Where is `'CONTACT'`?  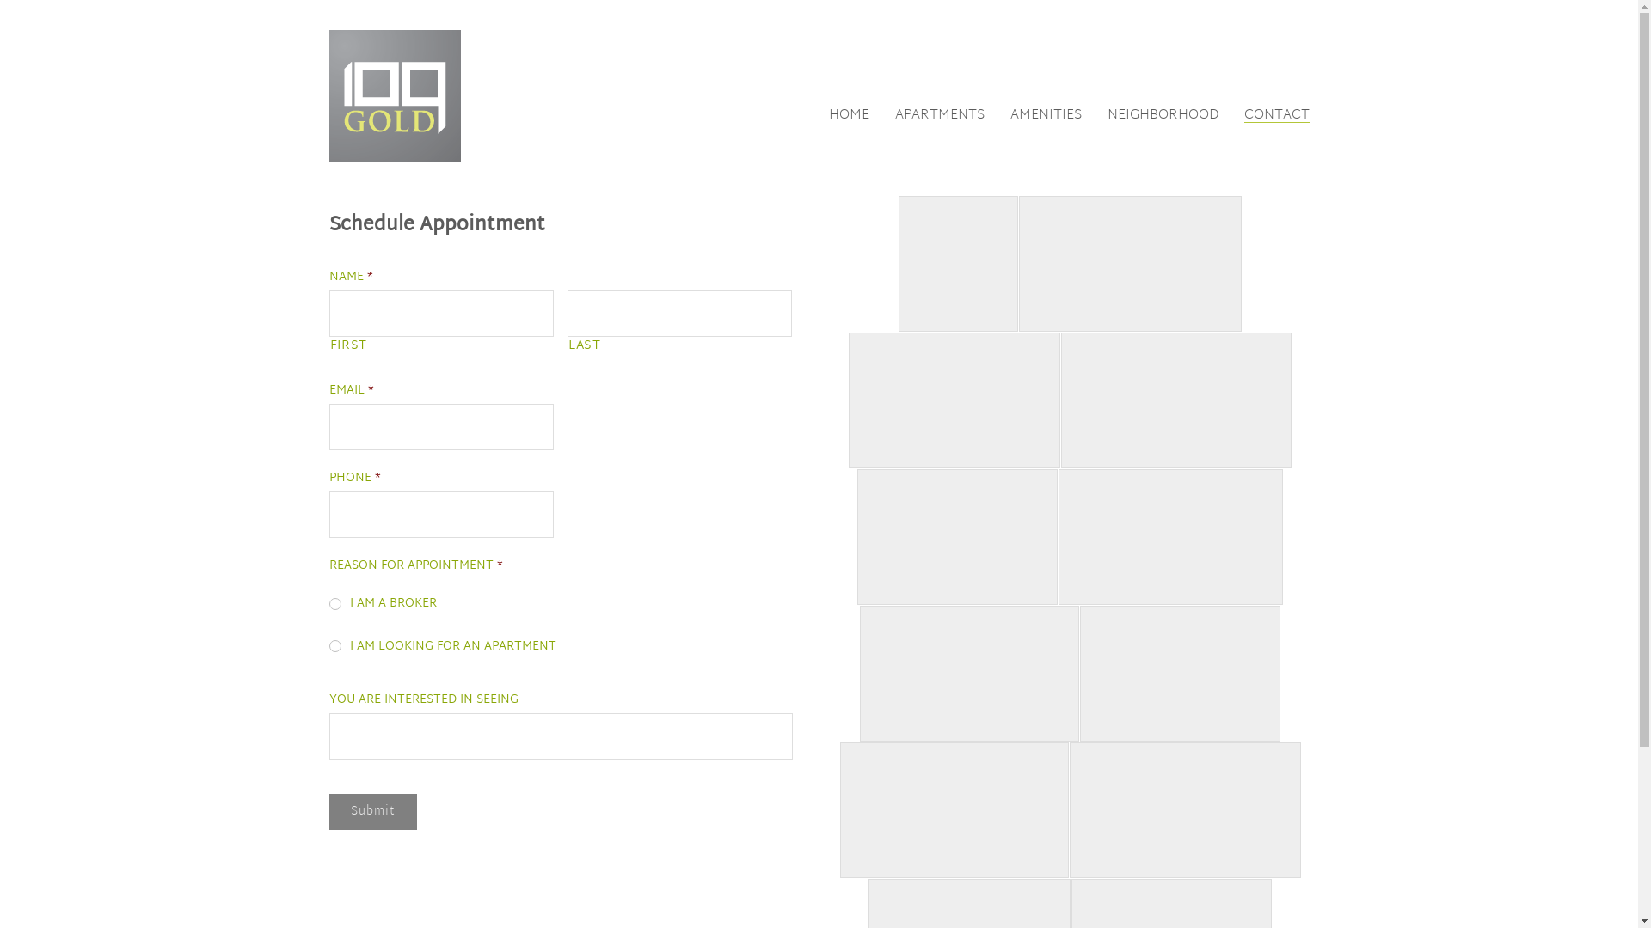
'CONTACT' is located at coordinates (1275, 116).